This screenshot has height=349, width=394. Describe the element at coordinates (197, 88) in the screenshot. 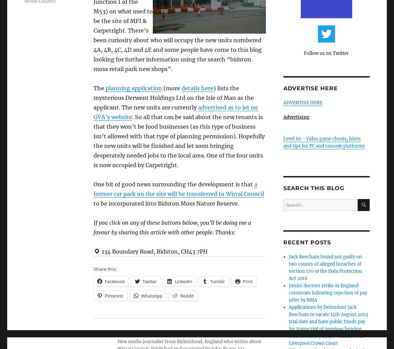

I see `'details here'` at that location.